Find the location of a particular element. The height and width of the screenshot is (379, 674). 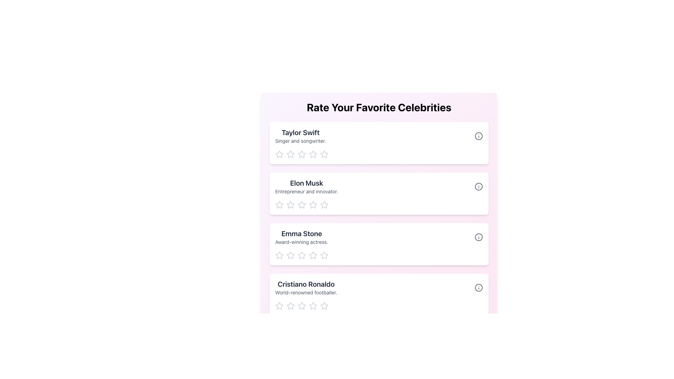

the first star icon used for rating Taylor Swift is located at coordinates (279, 154).